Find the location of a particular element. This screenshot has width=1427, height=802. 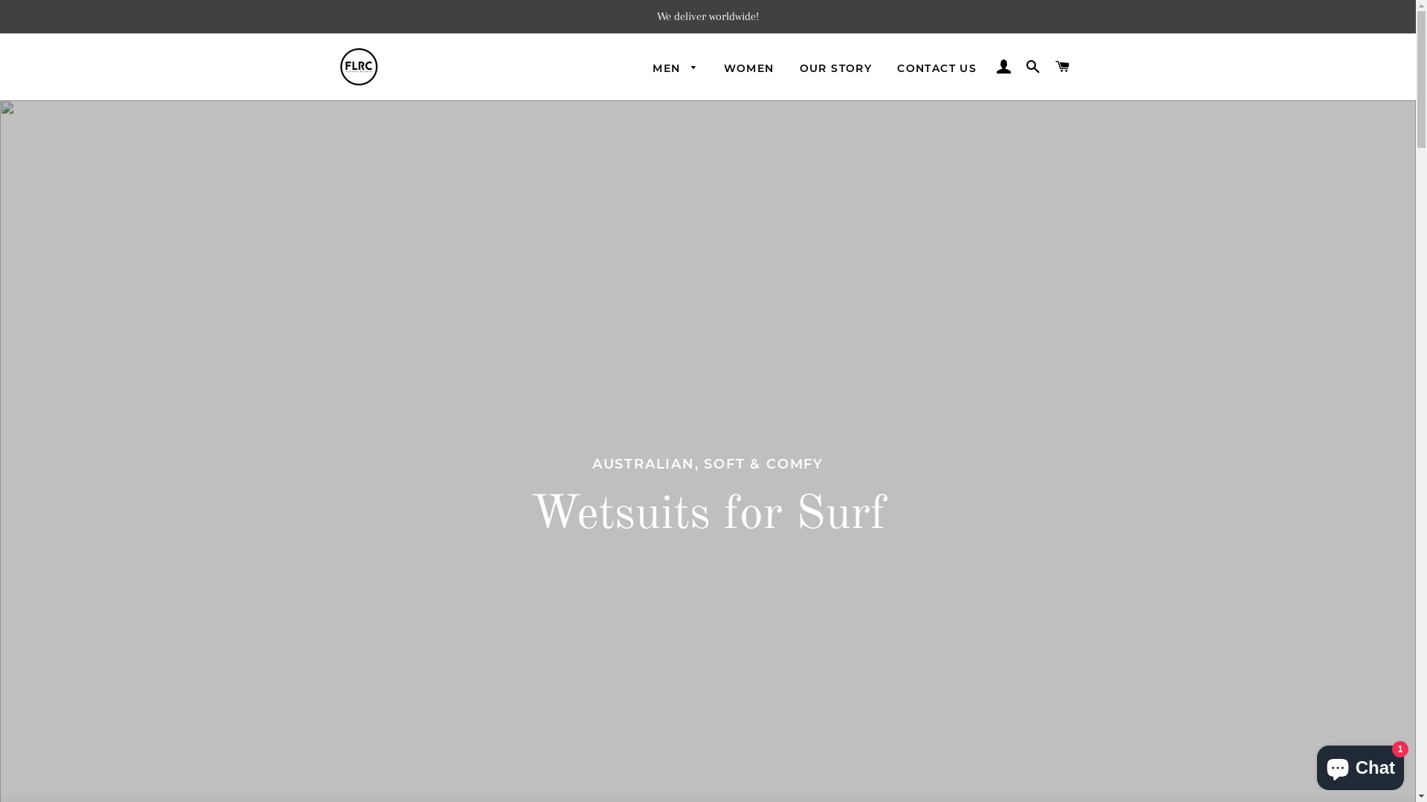

'MEN' is located at coordinates (674, 68).